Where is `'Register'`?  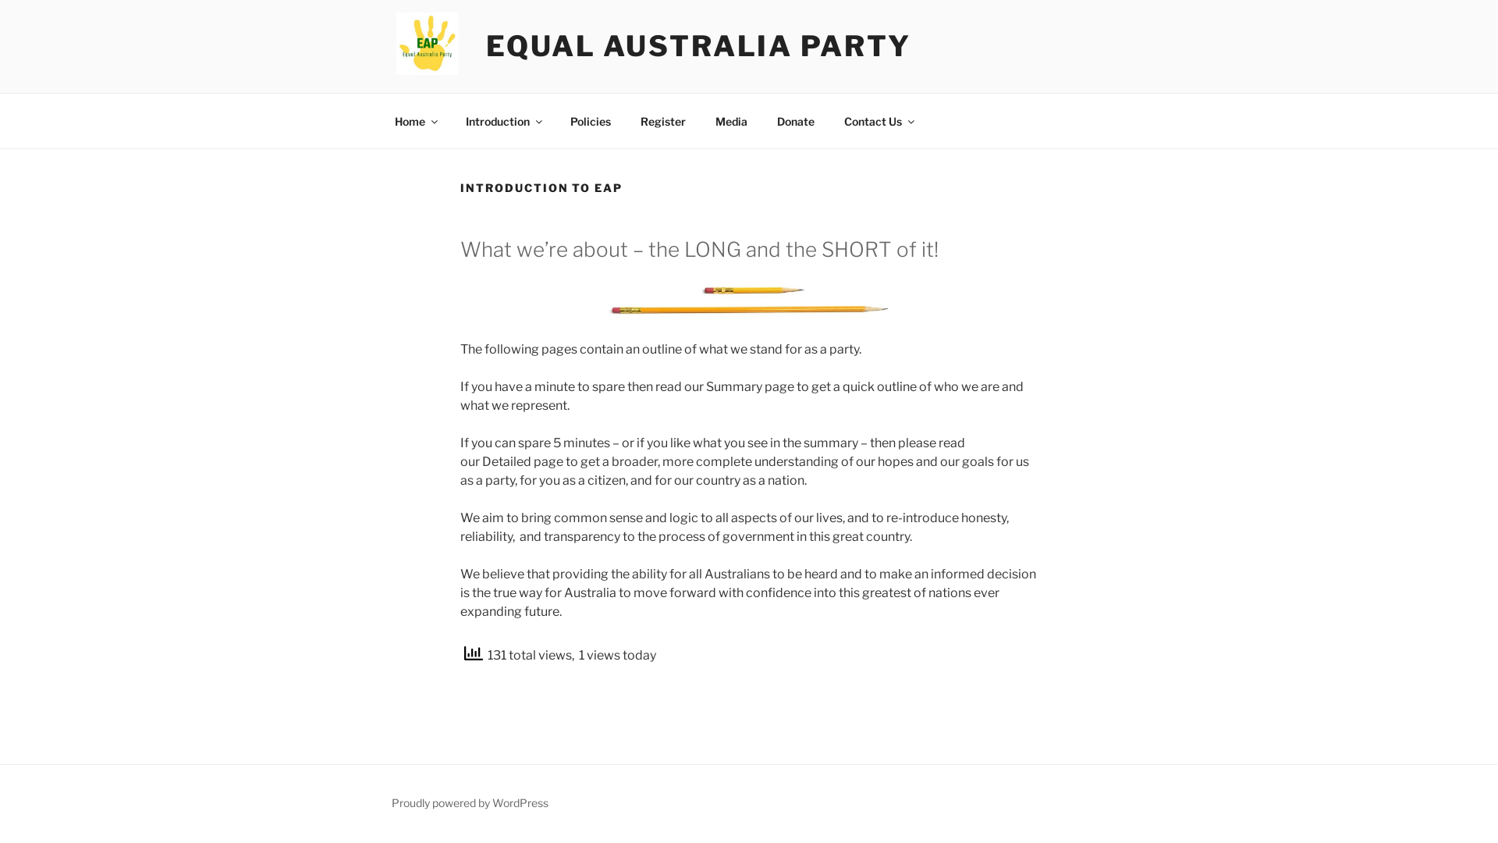 'Register' is located at coordinates (626, 119).